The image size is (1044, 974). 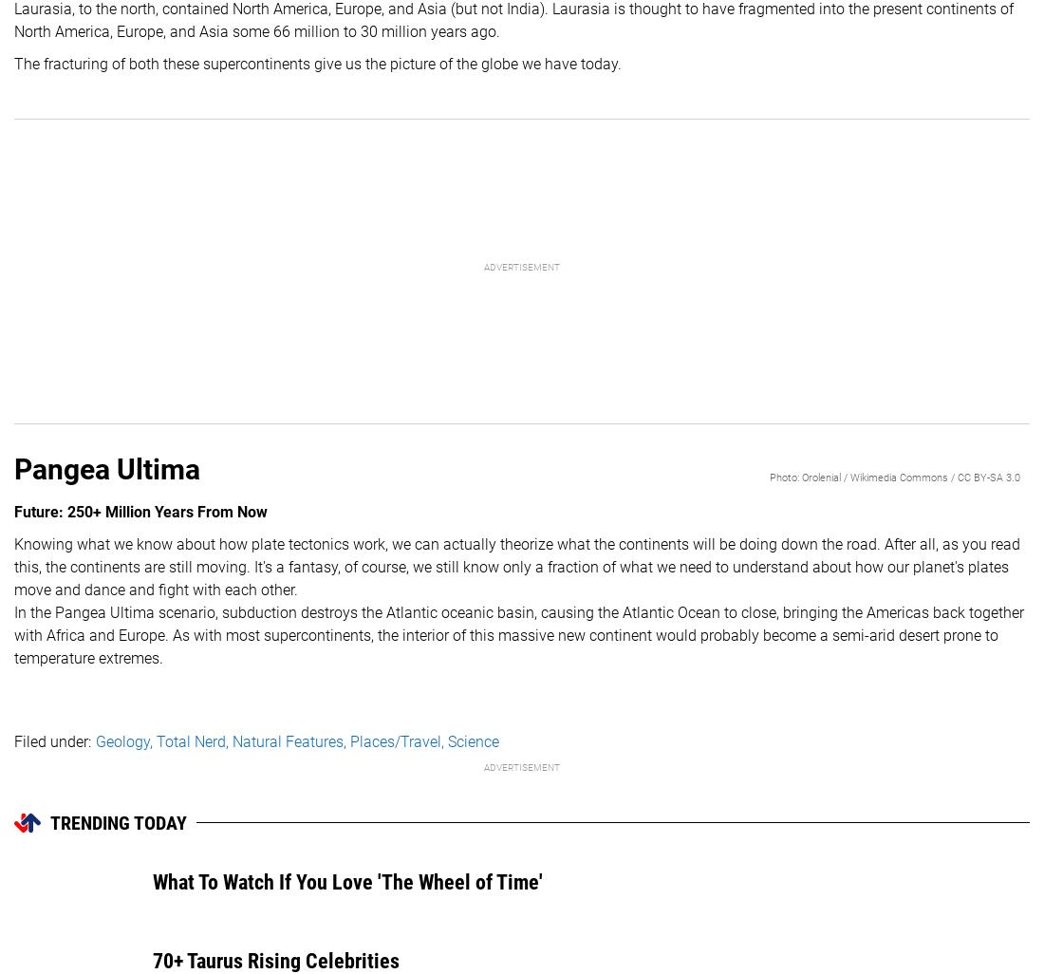 What do you see at coordinates (232, 740) in the screenshot?
I see `'Natural Features'` at bounding box center [232, 740].